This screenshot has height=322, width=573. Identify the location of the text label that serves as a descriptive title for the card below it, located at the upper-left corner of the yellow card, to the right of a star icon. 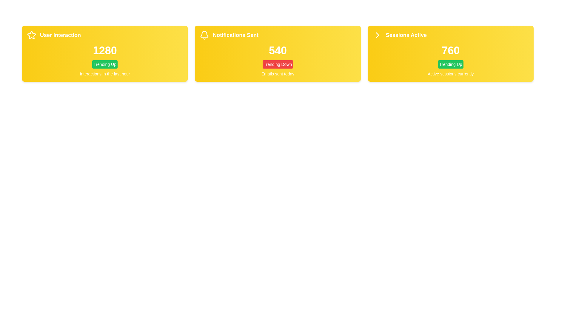
(60, 35).